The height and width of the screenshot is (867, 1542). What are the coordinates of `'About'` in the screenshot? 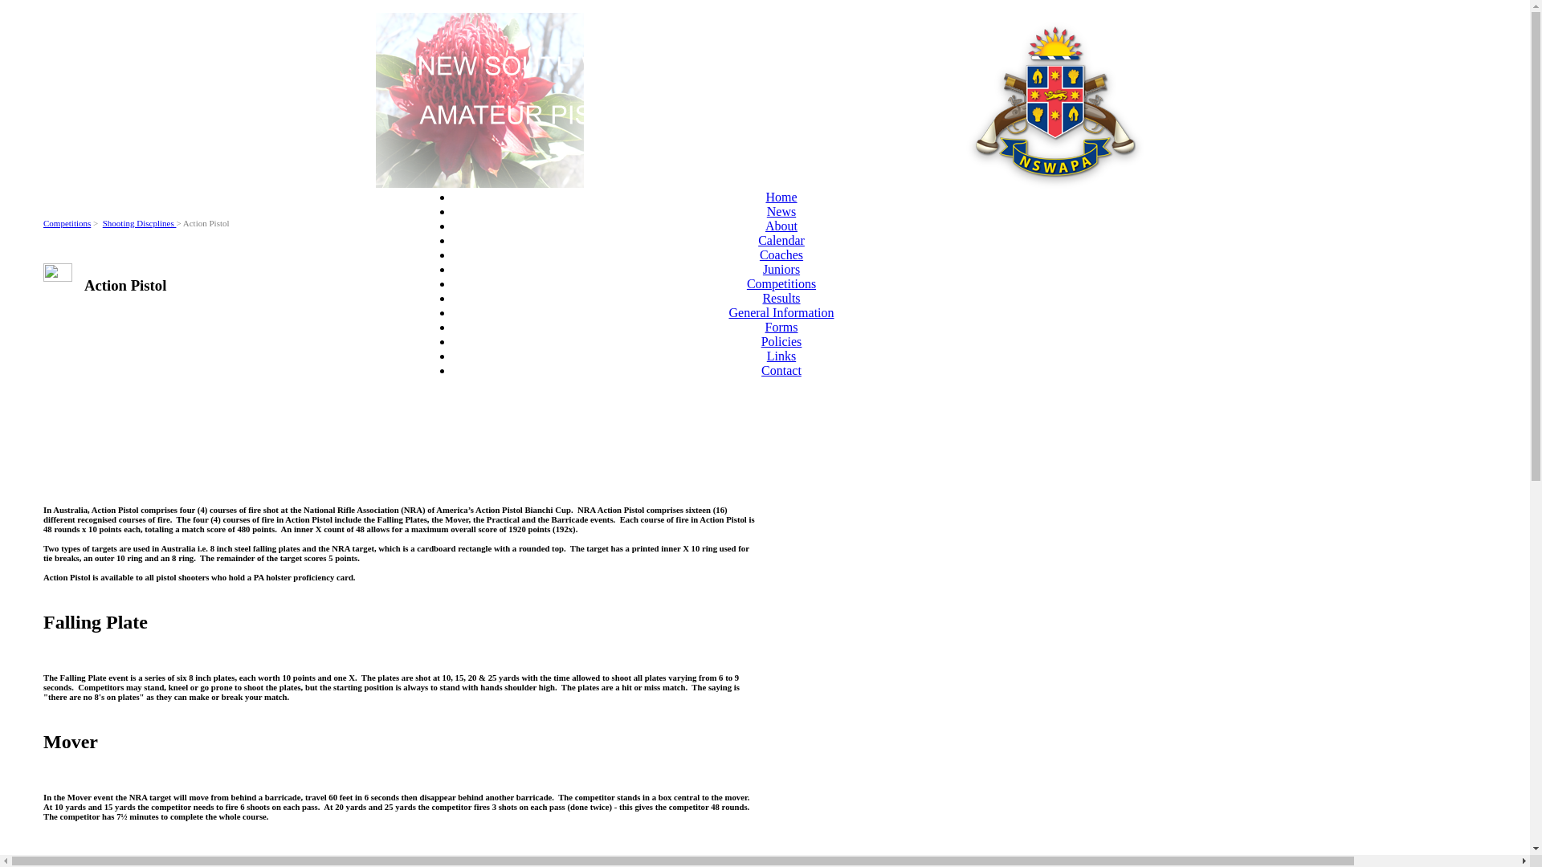 It's located at (781, 226).